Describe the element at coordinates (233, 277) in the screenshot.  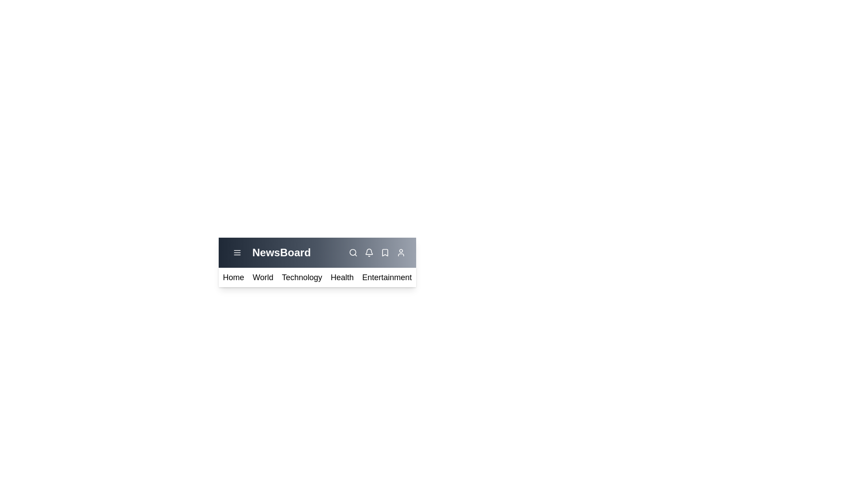
I see `the category Home from the menu` at that location.